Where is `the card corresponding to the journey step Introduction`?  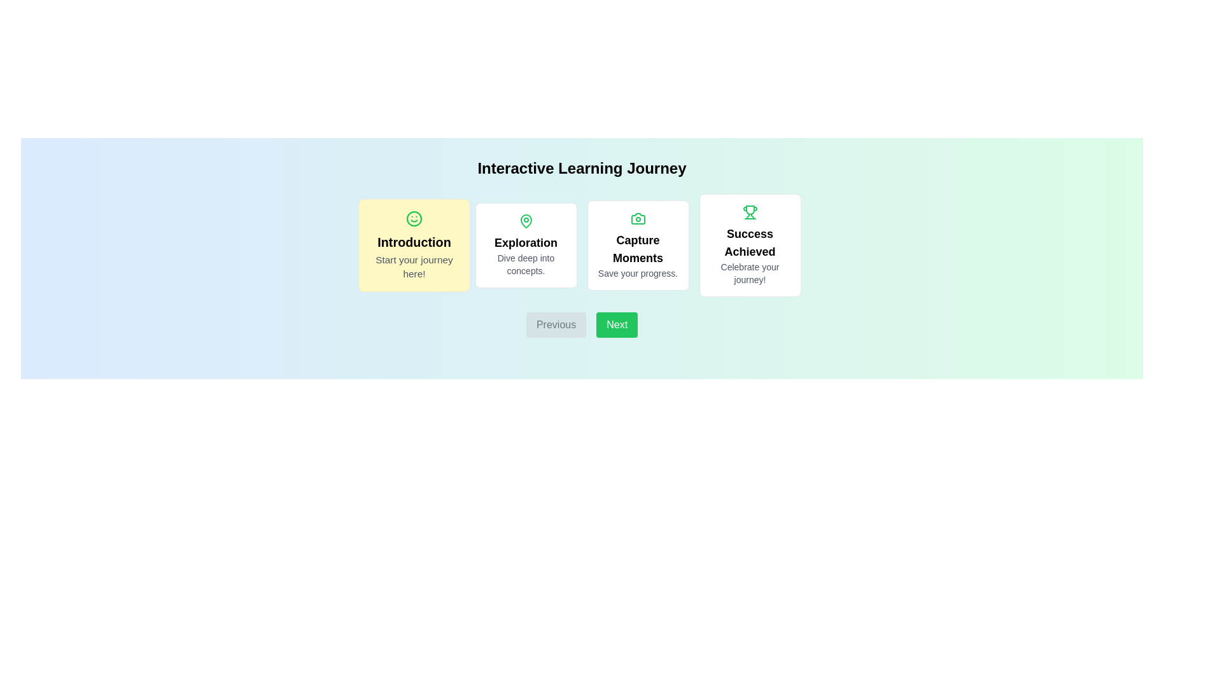 the card corresponding to the journey step Introduction is located at coordinates (414, 245).